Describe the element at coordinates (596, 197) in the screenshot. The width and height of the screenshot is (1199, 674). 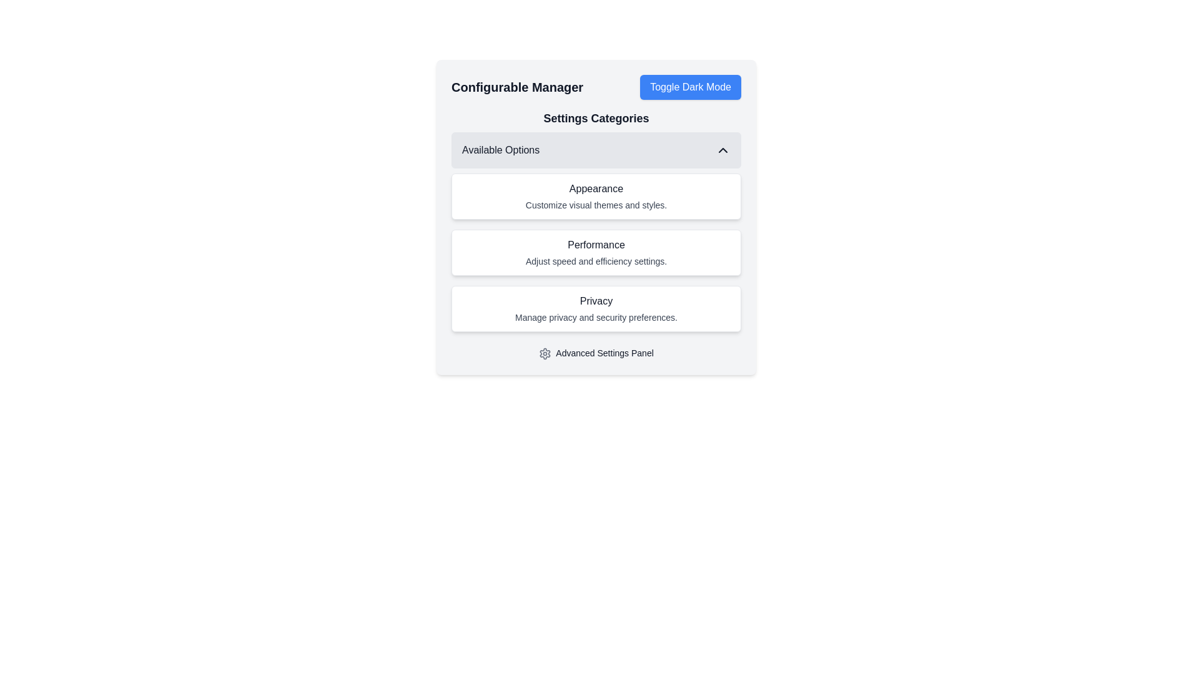
I see `the 'Appearance' settings category header, which is the first section under the 'Settings Categories' heading` at that location.